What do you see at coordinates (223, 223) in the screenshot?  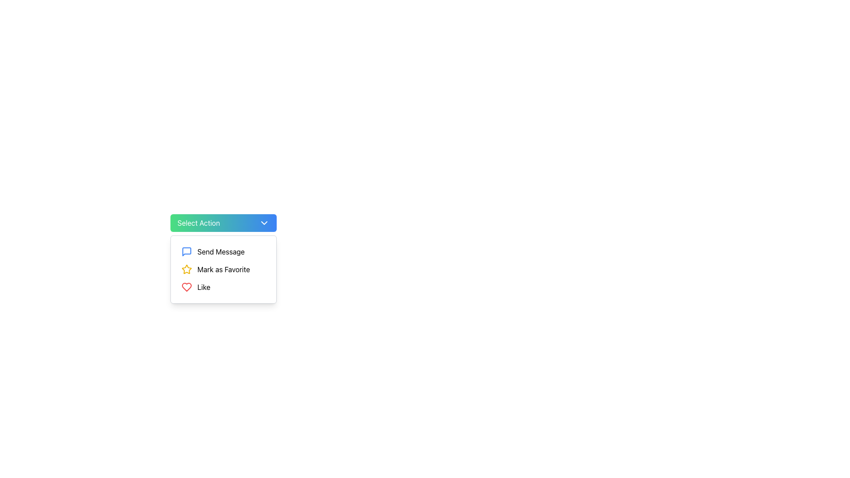 I see `the dropdown button located at the top of the dropdown menu` at bounding box center [223, 223].